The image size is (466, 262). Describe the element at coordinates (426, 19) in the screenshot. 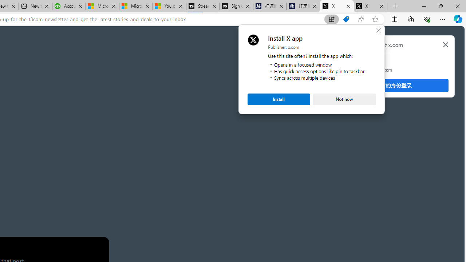

I see `'Browser essentials'` at that location.